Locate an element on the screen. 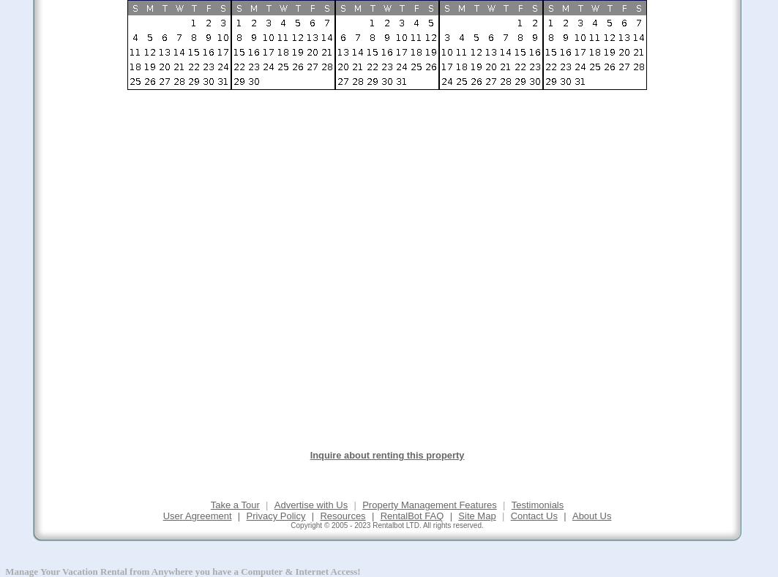 The width and height of the screenshot is (778, 577). 'User Agreement' is located at coordinates (197, 515).